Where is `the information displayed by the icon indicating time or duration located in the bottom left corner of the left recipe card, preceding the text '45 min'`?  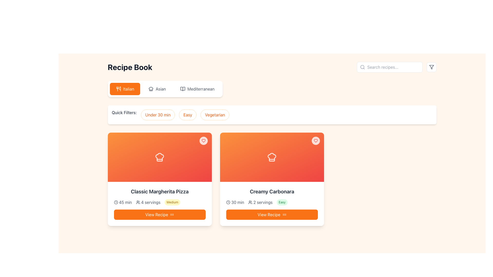
the information displayed by the icon indicating time or duration located in the bottom left corner of the left recipe card, preceding the text '45 min' is located at coordinates (116, 202).